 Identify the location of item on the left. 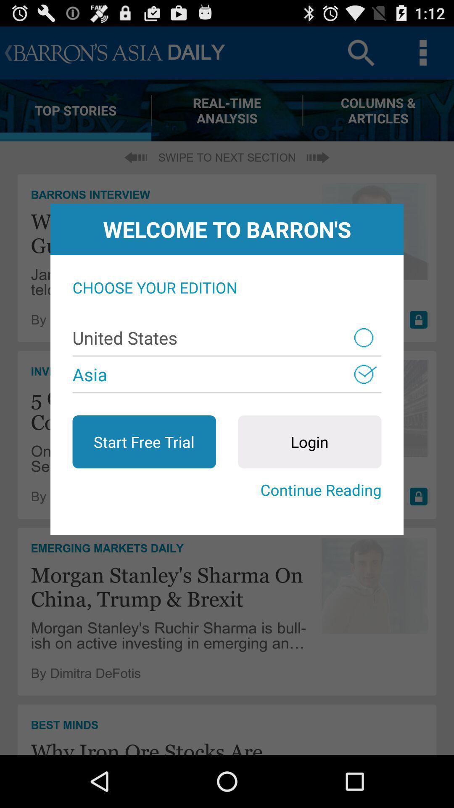
(144, 441).